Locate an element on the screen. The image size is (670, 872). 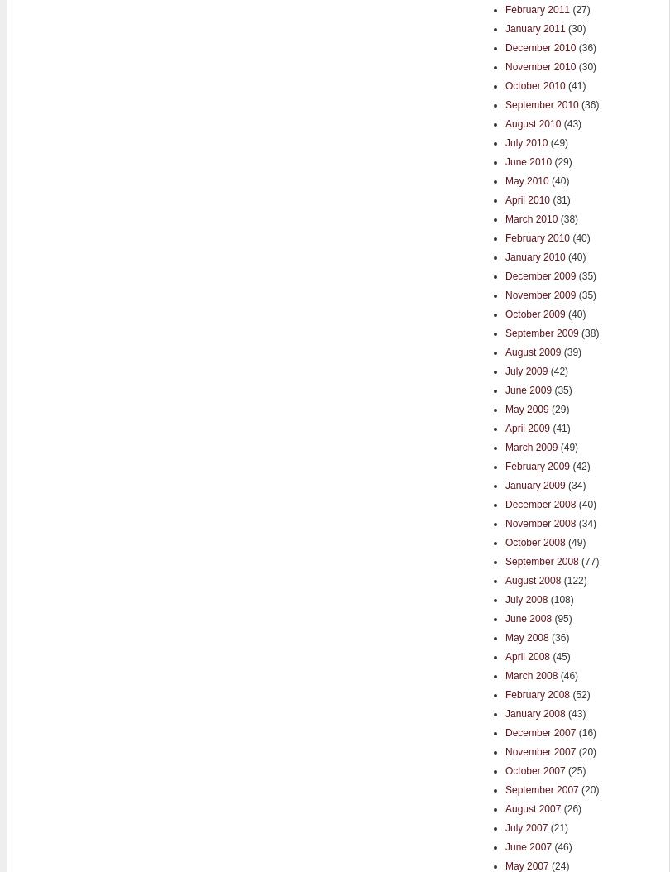
'January 2008' is located at coordinates (534, 712).